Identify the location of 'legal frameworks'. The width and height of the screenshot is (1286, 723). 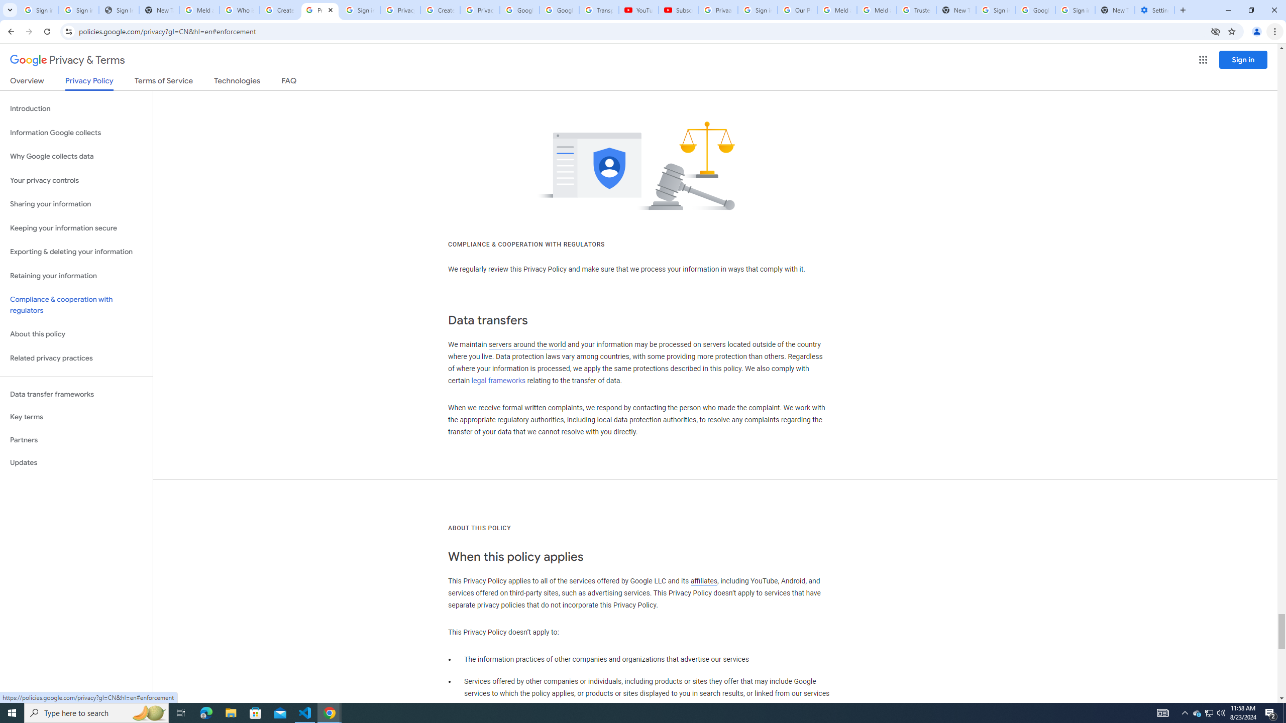
(498, 381).